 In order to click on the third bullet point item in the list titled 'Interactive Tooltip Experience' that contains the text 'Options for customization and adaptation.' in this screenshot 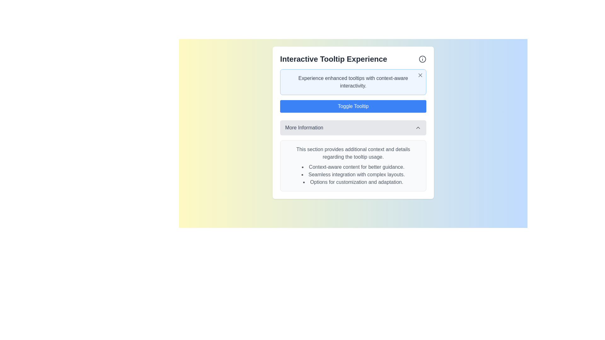, I will do `click(353, 182)`.